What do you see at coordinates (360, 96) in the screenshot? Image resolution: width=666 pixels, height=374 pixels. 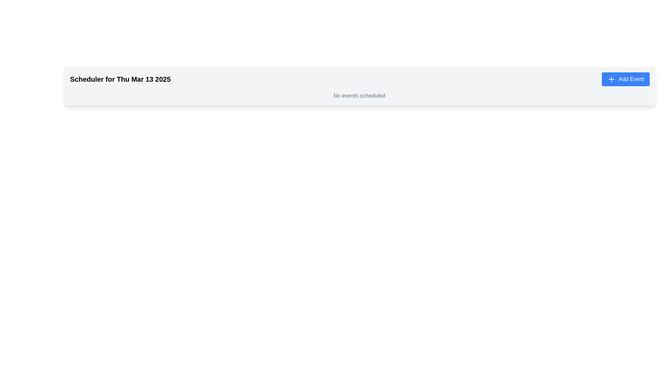 I see `the informational text label indicating no scheduled events for the specified date, located below the heading 'Scheduler for Thu Mar 13 2025'` at bounding box center [360, 96].